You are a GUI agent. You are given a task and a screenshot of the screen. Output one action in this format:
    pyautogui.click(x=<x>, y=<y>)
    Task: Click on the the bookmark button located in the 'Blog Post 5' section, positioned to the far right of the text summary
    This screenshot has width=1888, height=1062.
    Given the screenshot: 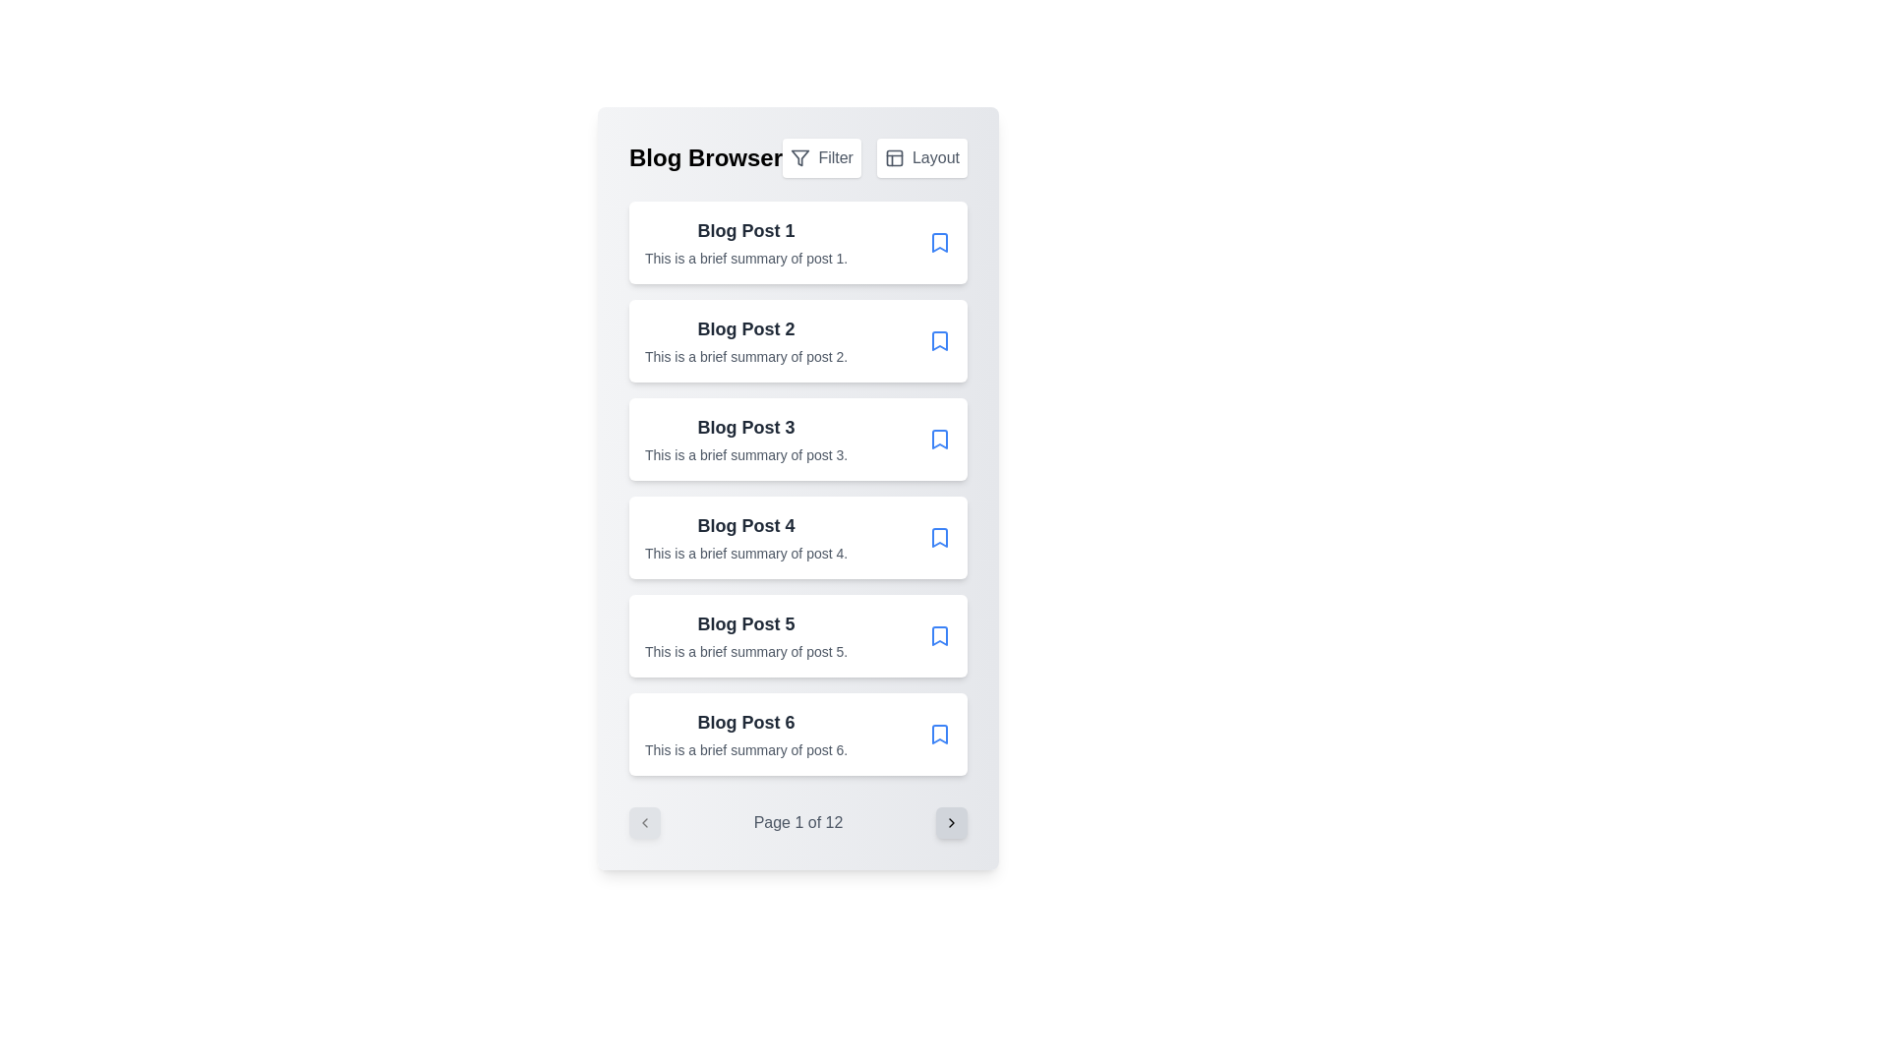 What is the action you would take?
    pyautogui.click(x=938, y=636)
    